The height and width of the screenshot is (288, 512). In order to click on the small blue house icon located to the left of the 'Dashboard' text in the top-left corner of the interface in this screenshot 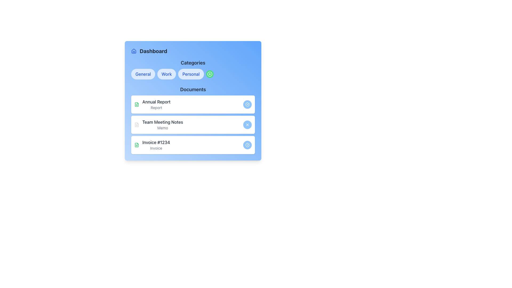, I will do `click(134, 51)`.